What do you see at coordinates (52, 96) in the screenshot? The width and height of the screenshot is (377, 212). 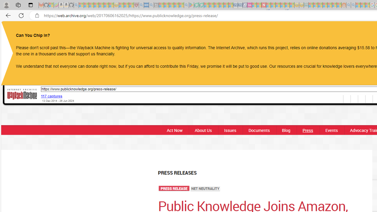 I see `'117 captures'` at bounding box center [52, 96].